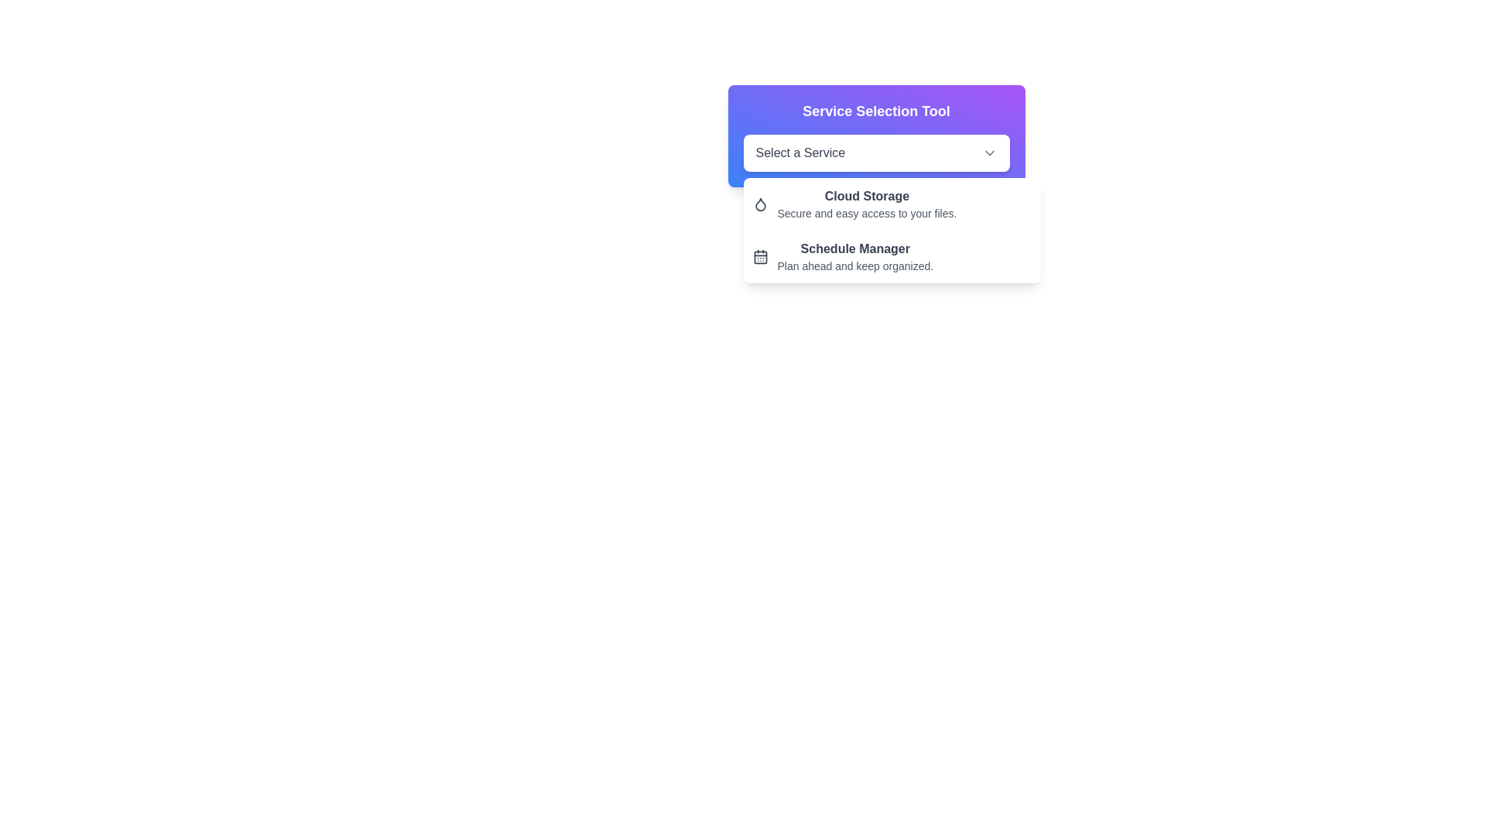  Describe the element at coordinates (760, 203) in the screenshot. I see `the droplet icon with a dark gray outline, located to the left of the 'Cloud Storage' text` at that location.